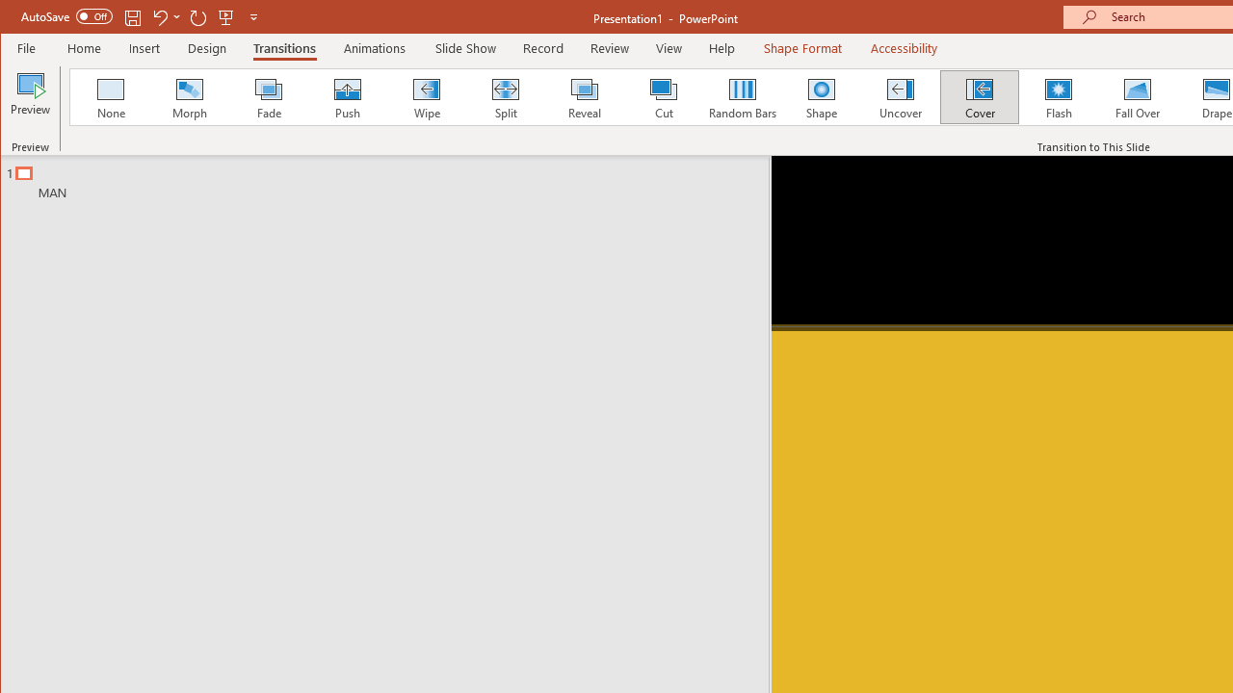 The width and height of the screenshot is (1233, 693). I want to click on 'Wipe', so click(425, 96).